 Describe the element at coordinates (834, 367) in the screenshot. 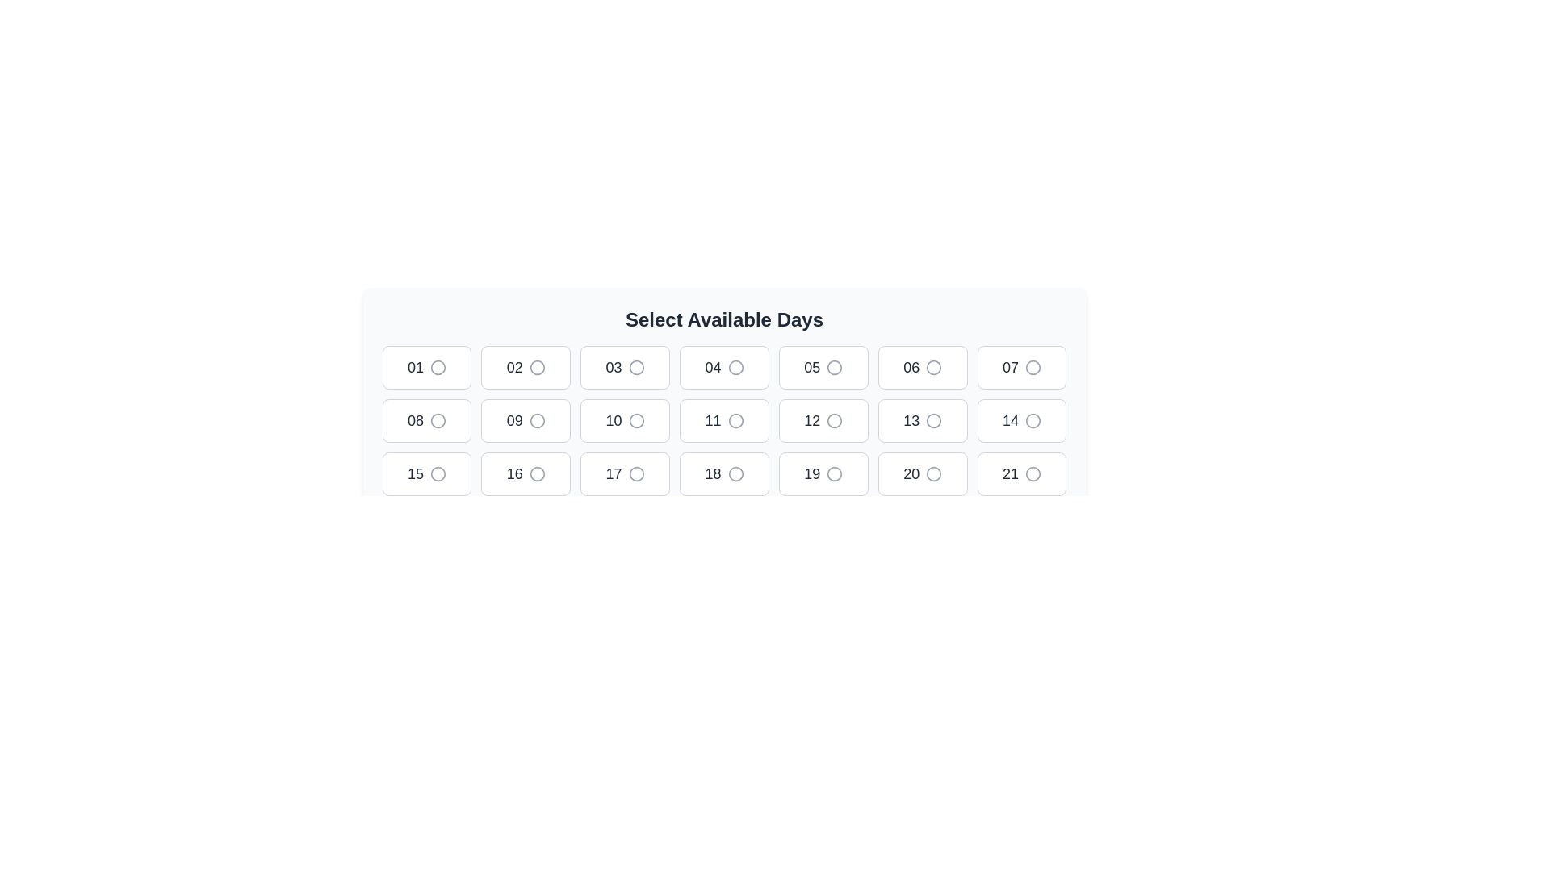

I see `the circular radio button associated with the number '05' in the selection grid` at that location.